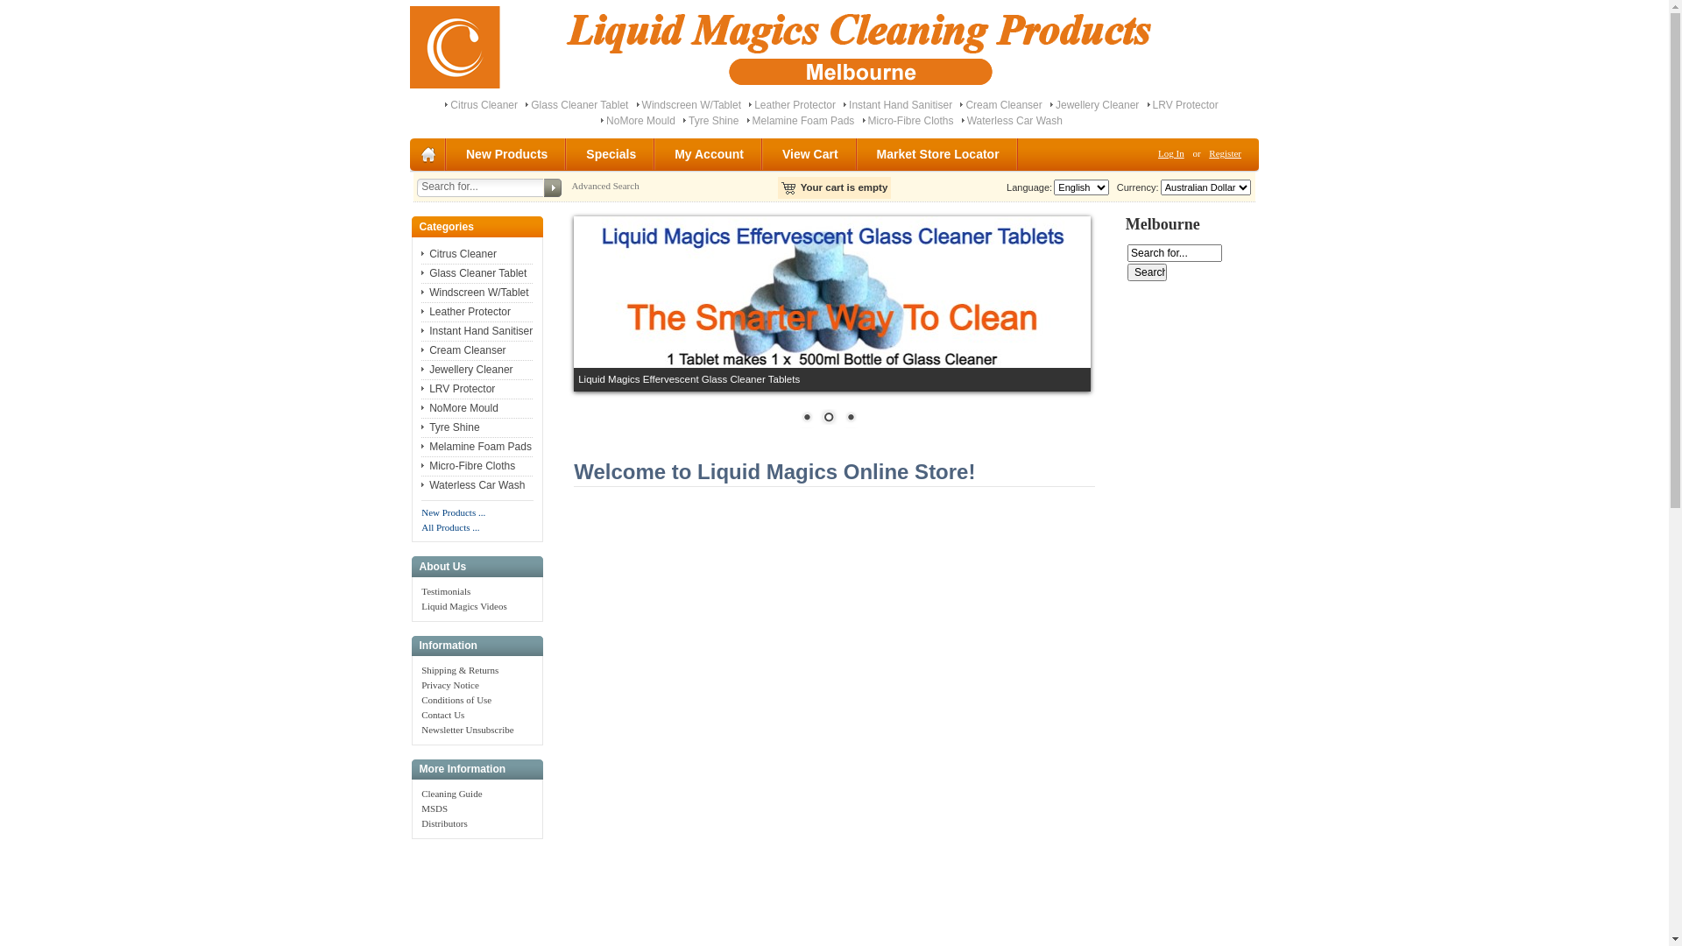 This screenshot has height=946, width=1682. Describe the element at coordinates (420, 604) in the screenshot. I see `'Liquid Magics Videos'` at that location.